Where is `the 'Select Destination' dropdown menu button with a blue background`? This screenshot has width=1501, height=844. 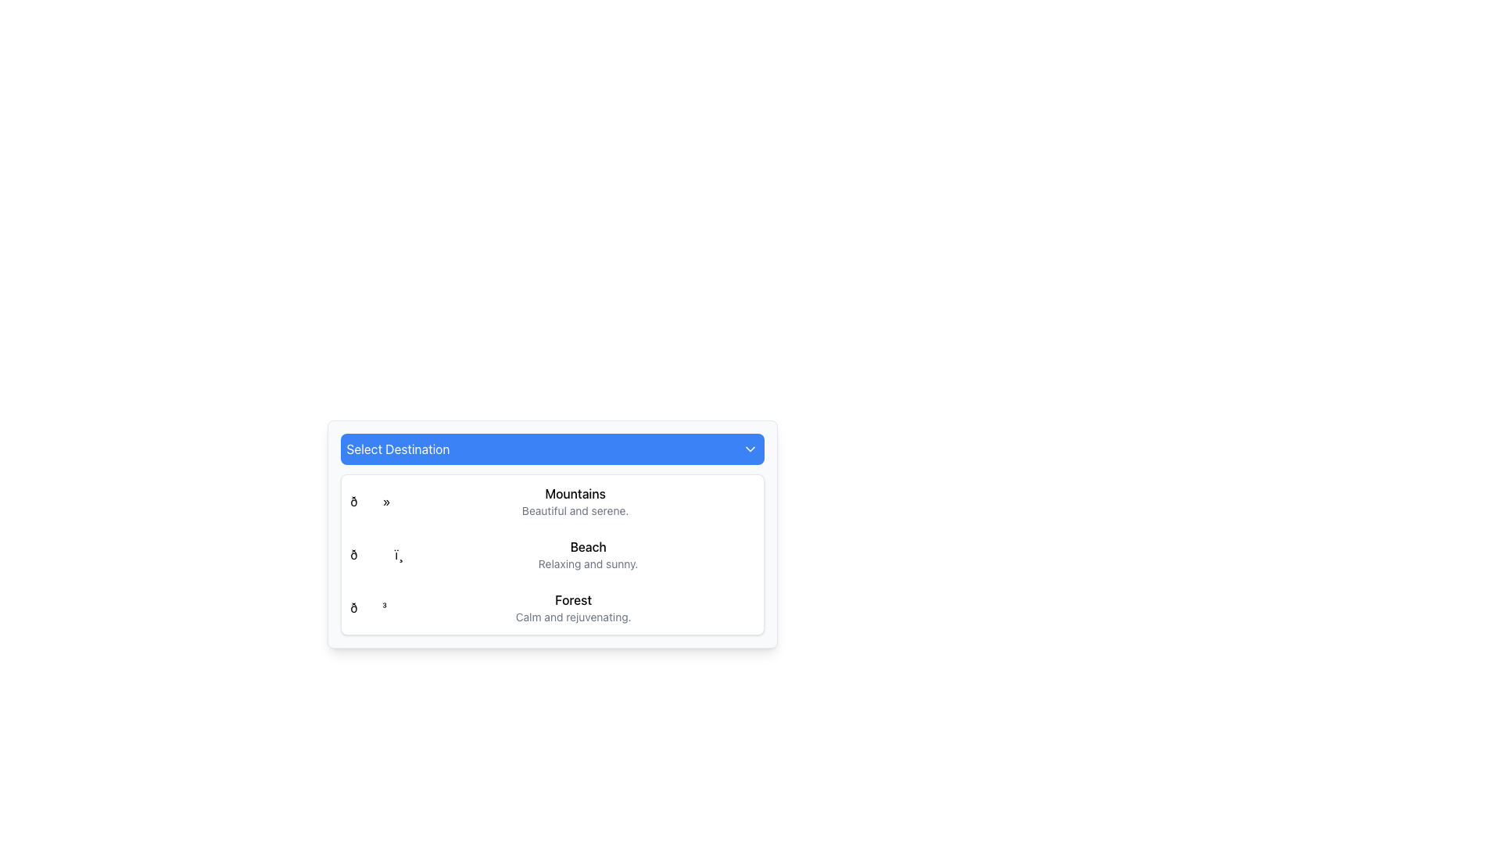 the 'Select Destination' dropdown menu button with a blue background is located at coordinates (552, 449).